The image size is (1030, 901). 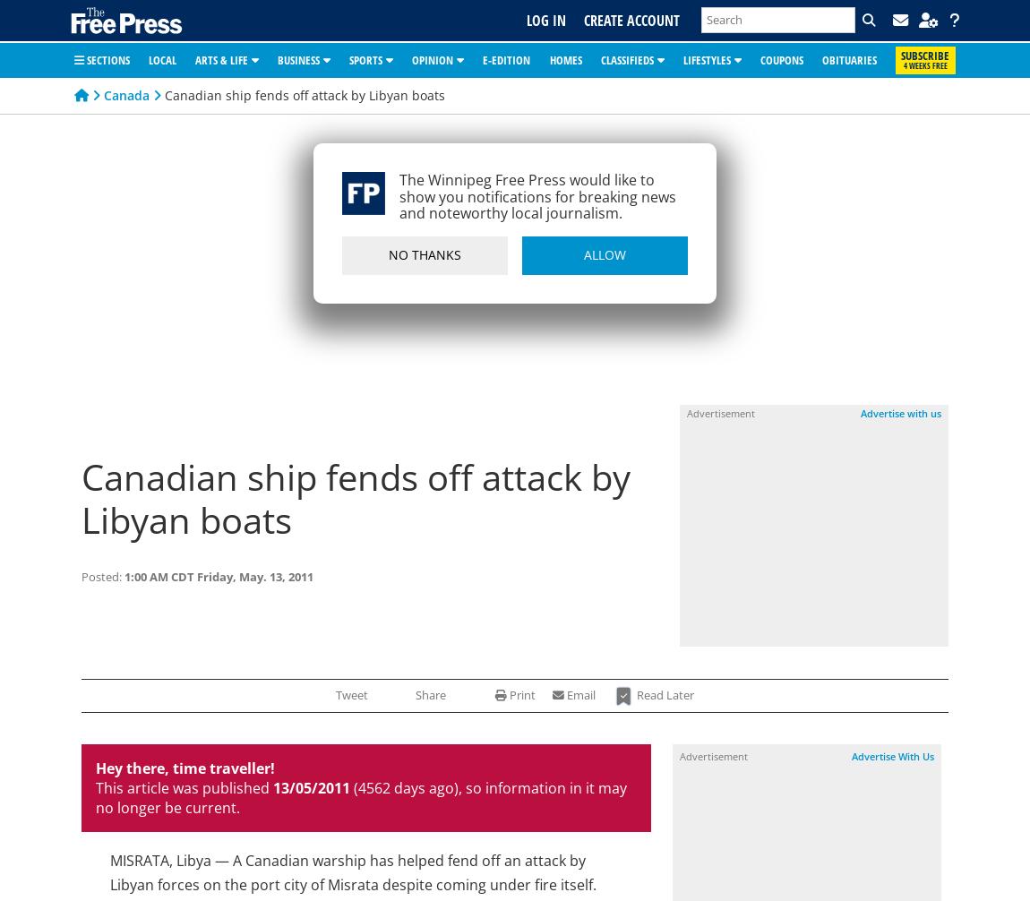 What do you see at coordinates (82, 58) in the screenshot?
I see `'Sections'` at bounding box center [82, 58].